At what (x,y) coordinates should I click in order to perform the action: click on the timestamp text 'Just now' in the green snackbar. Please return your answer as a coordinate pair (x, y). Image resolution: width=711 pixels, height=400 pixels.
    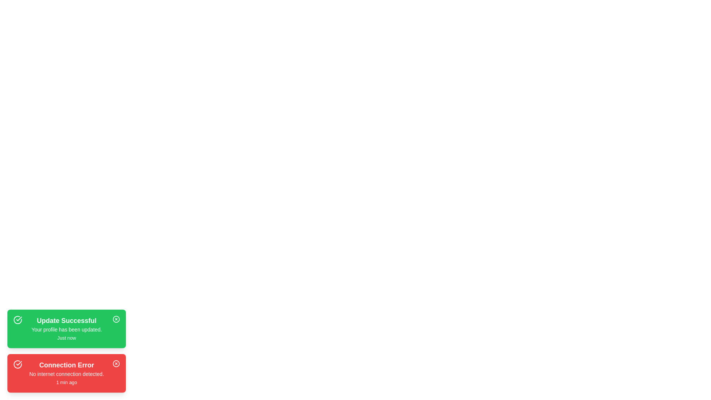
    Looking at the image, I should click on (66, 338).